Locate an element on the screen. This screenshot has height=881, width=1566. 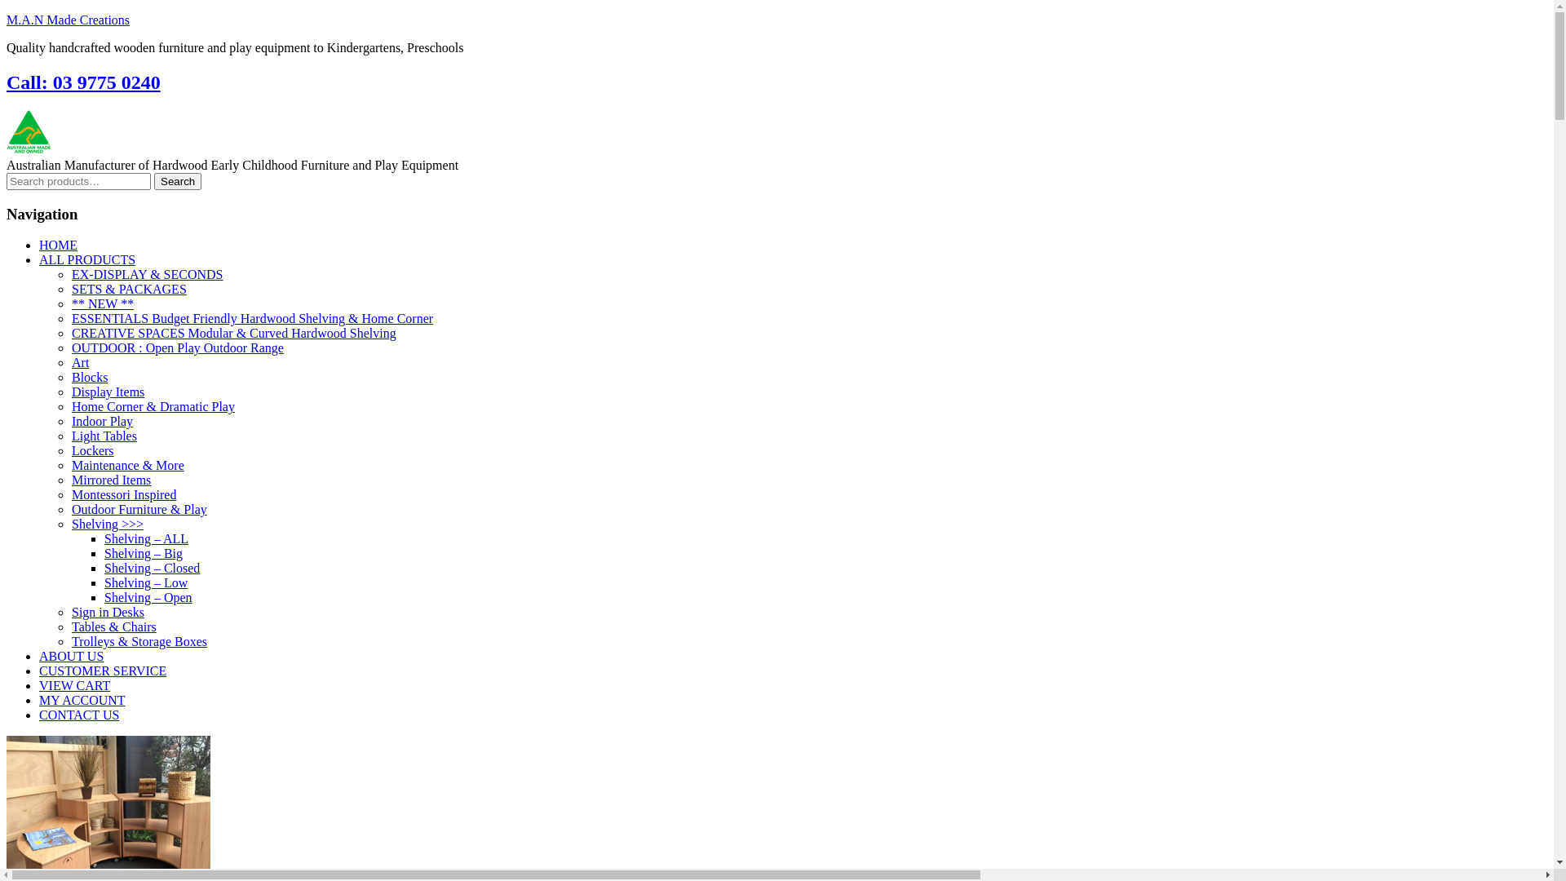
'ALL PRODUCTS' is located at coordinates (86, 259).